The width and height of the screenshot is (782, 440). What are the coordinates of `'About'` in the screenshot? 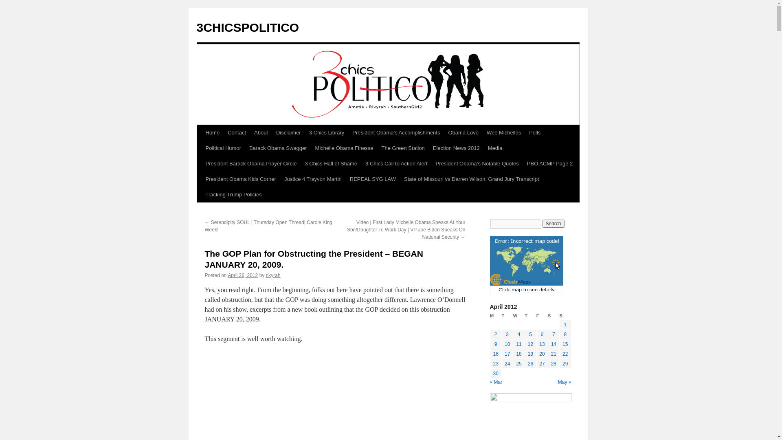 It's located at (250, 132).